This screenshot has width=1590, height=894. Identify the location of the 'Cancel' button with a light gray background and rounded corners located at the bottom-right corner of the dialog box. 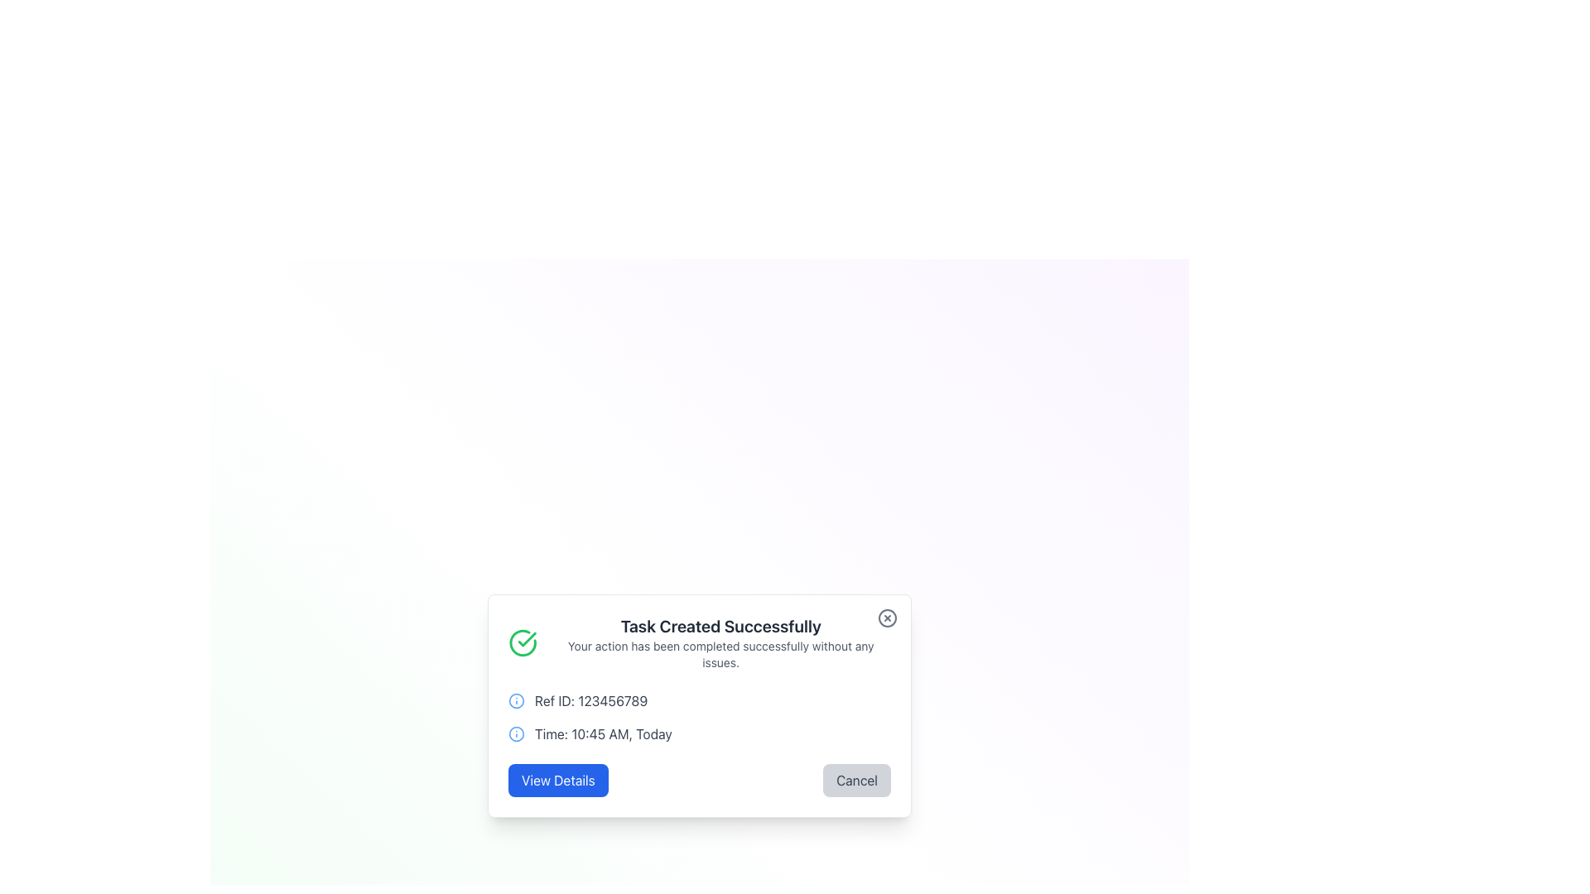
(857, 780).